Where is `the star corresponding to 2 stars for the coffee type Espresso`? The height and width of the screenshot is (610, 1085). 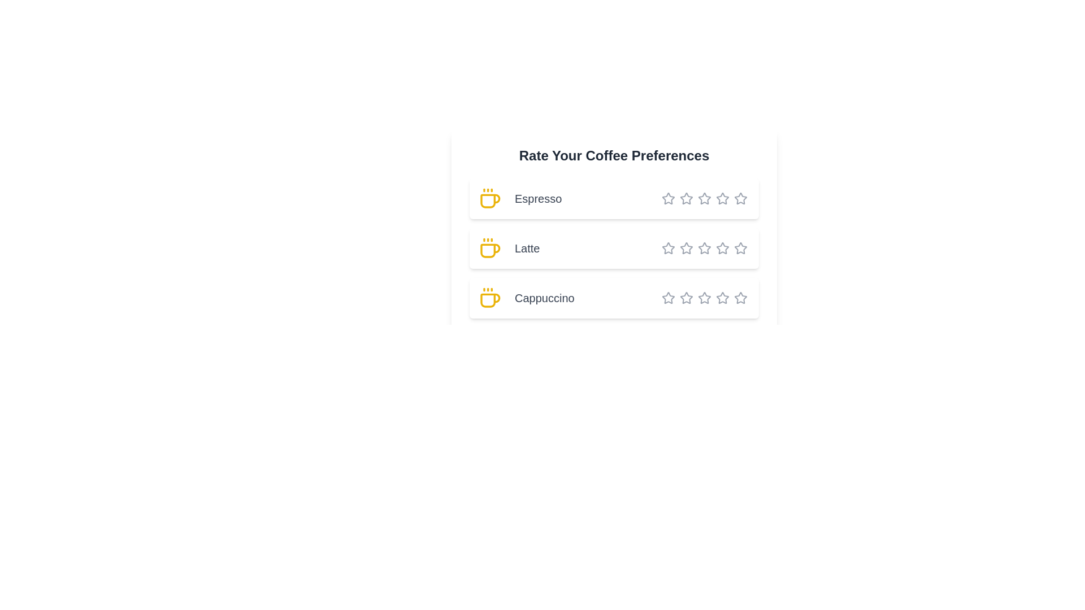
the star corresponding to 2 stars for the coffee type Espresso is located at coordinates (679, 198).